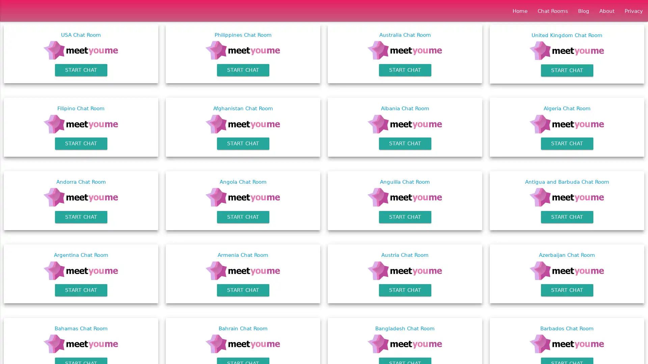 The width and height of the screenshot is (648, 364). I want to click on START CHAT, so click(567, 70).